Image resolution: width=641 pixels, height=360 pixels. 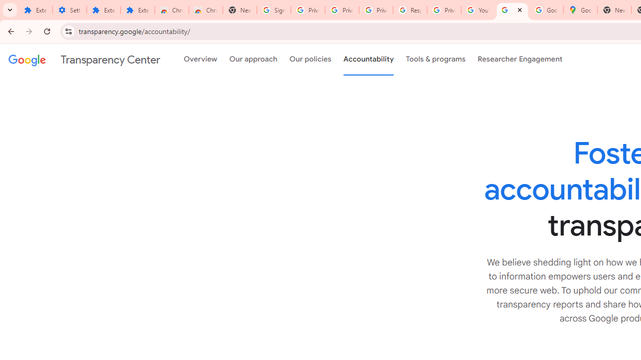 What do you see at coordinates (274, 10) in the screenshot?
I see `'Sign in - Google Accounts'` at bounding box center [274, 10].